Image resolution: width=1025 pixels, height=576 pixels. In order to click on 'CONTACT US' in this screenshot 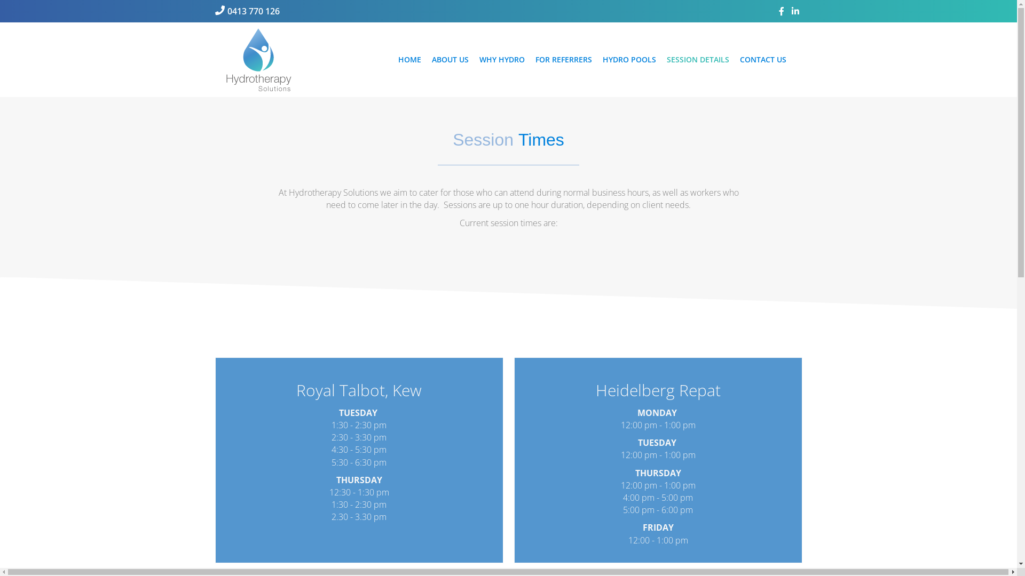, I will do `click(762, 59)`.